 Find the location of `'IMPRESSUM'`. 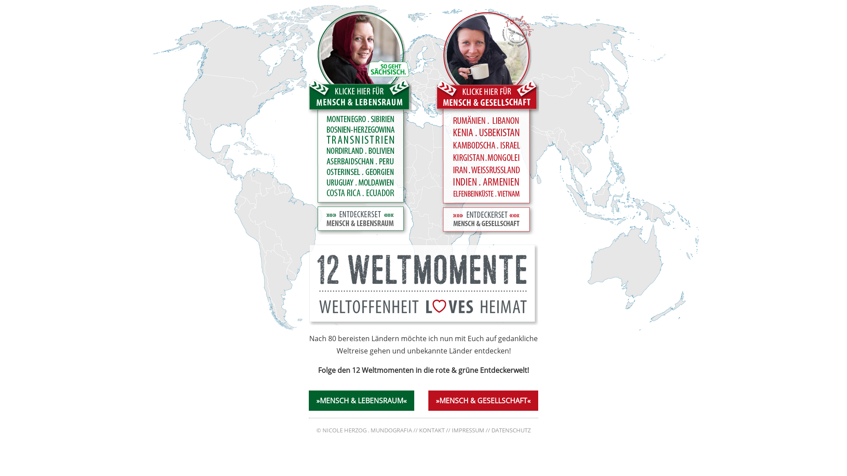

'IMPRESSUM' is located at coordinates (467, 430).